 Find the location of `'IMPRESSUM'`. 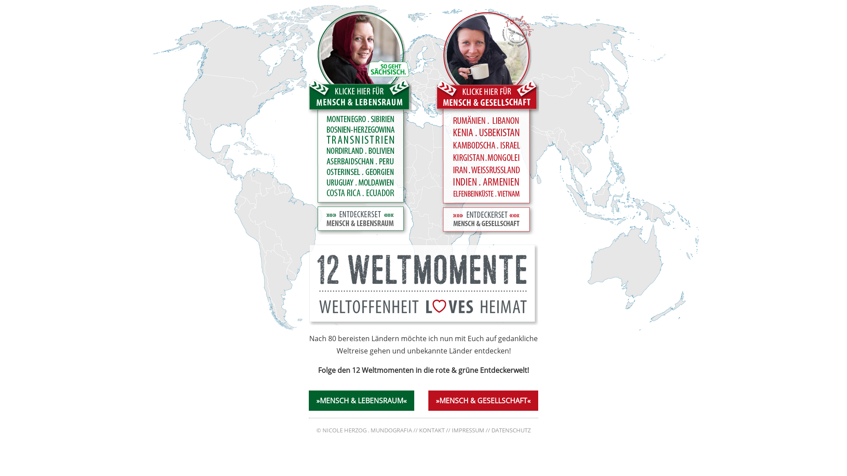

'IMPRESSUM' is located at coordinates (467, 430).